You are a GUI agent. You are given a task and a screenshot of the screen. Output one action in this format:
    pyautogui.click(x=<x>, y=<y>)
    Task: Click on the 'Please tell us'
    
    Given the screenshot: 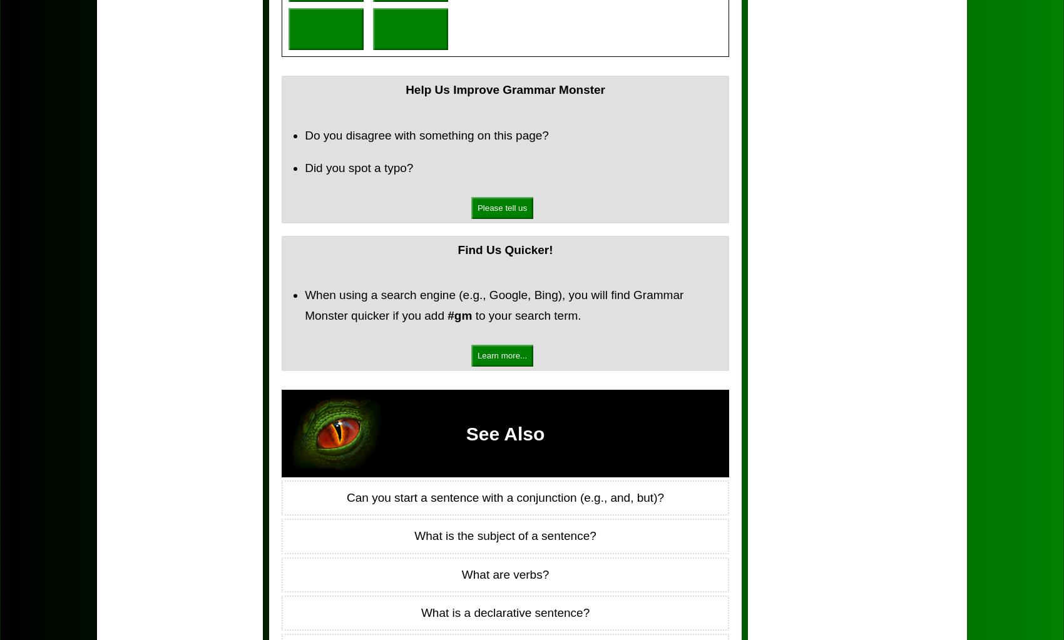 What is the action you would take?
    pyautogui.click(x=476, y=208)
    